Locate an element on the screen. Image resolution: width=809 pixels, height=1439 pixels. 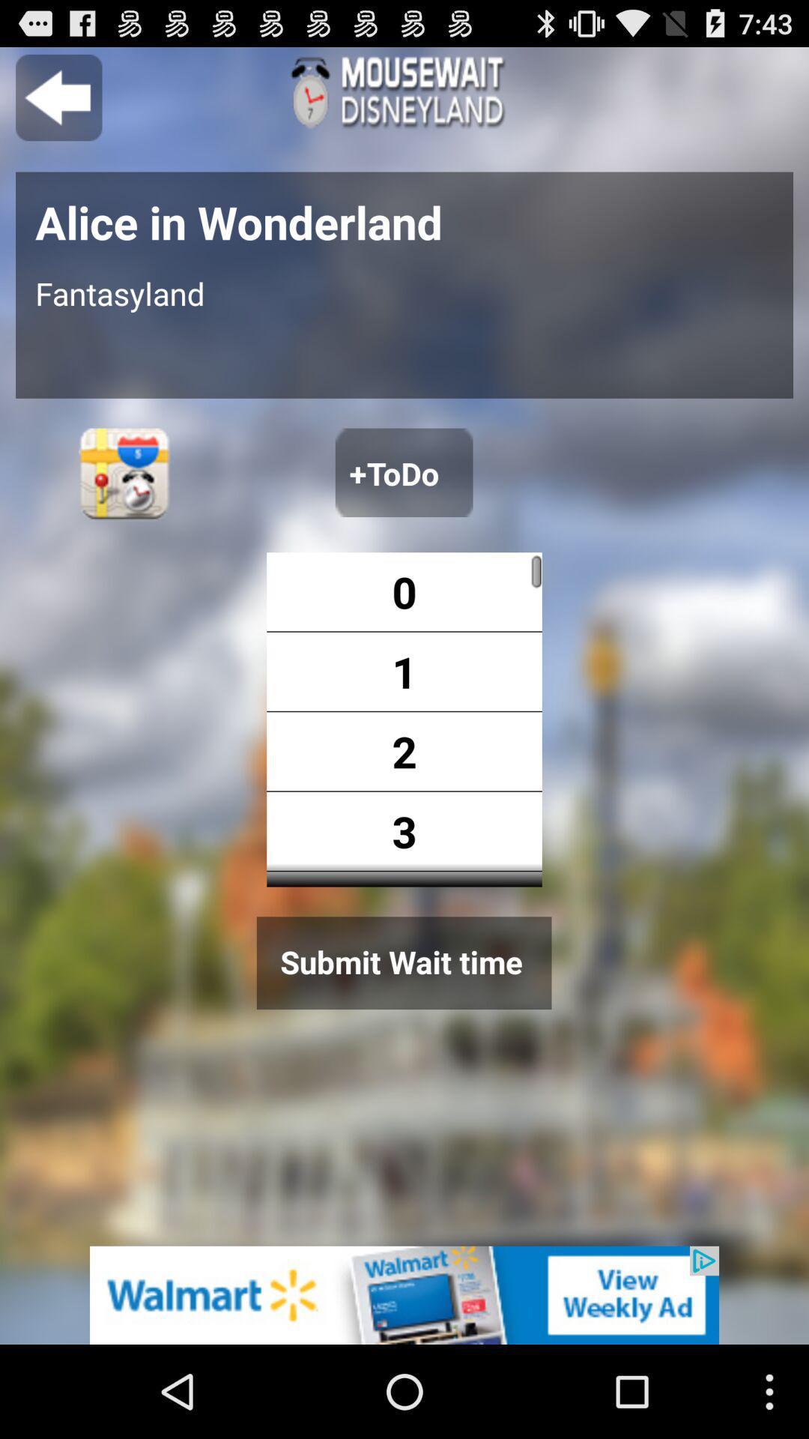
option is located at coordinates (403, 471).